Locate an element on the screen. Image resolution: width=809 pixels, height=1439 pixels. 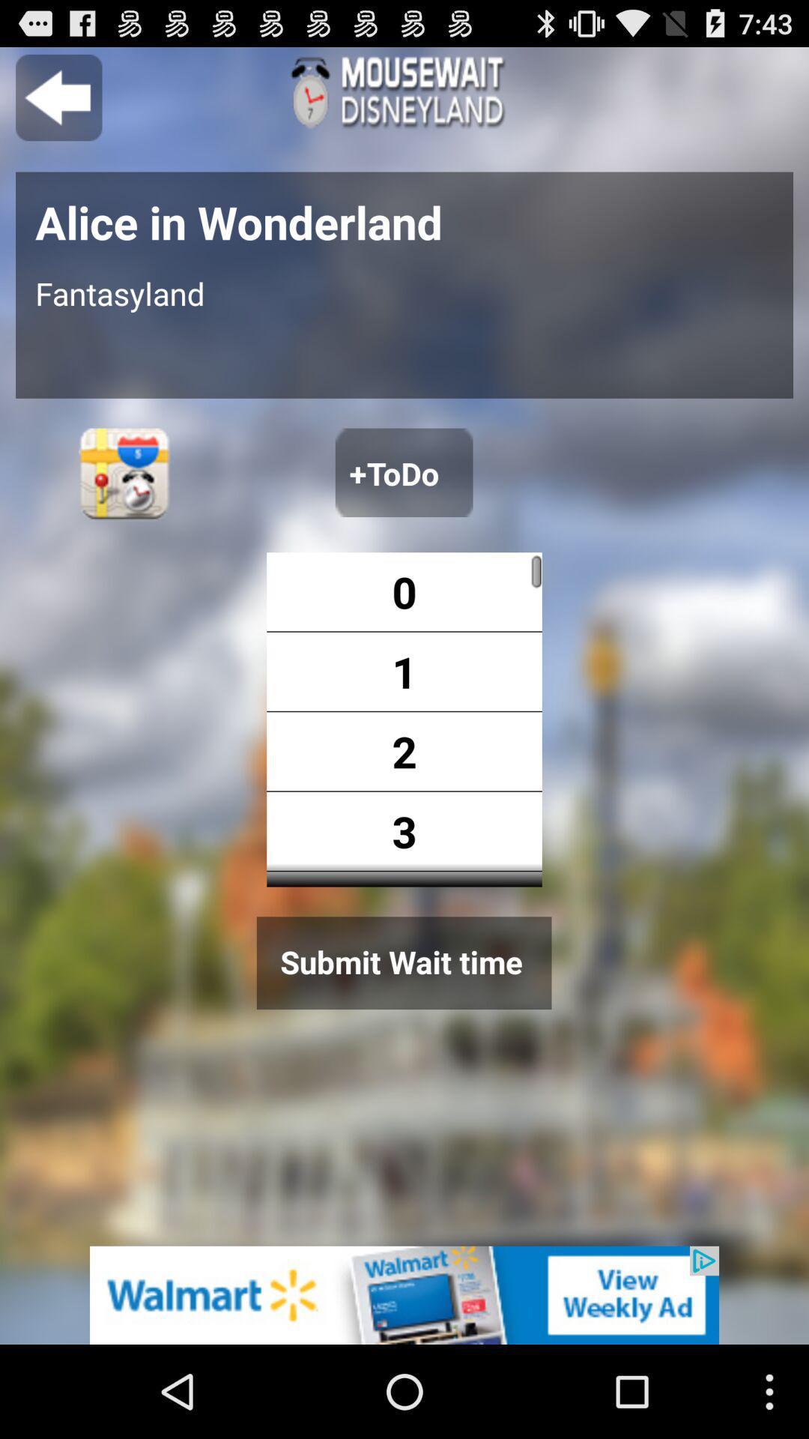
option is located at coordinates (403, 471).